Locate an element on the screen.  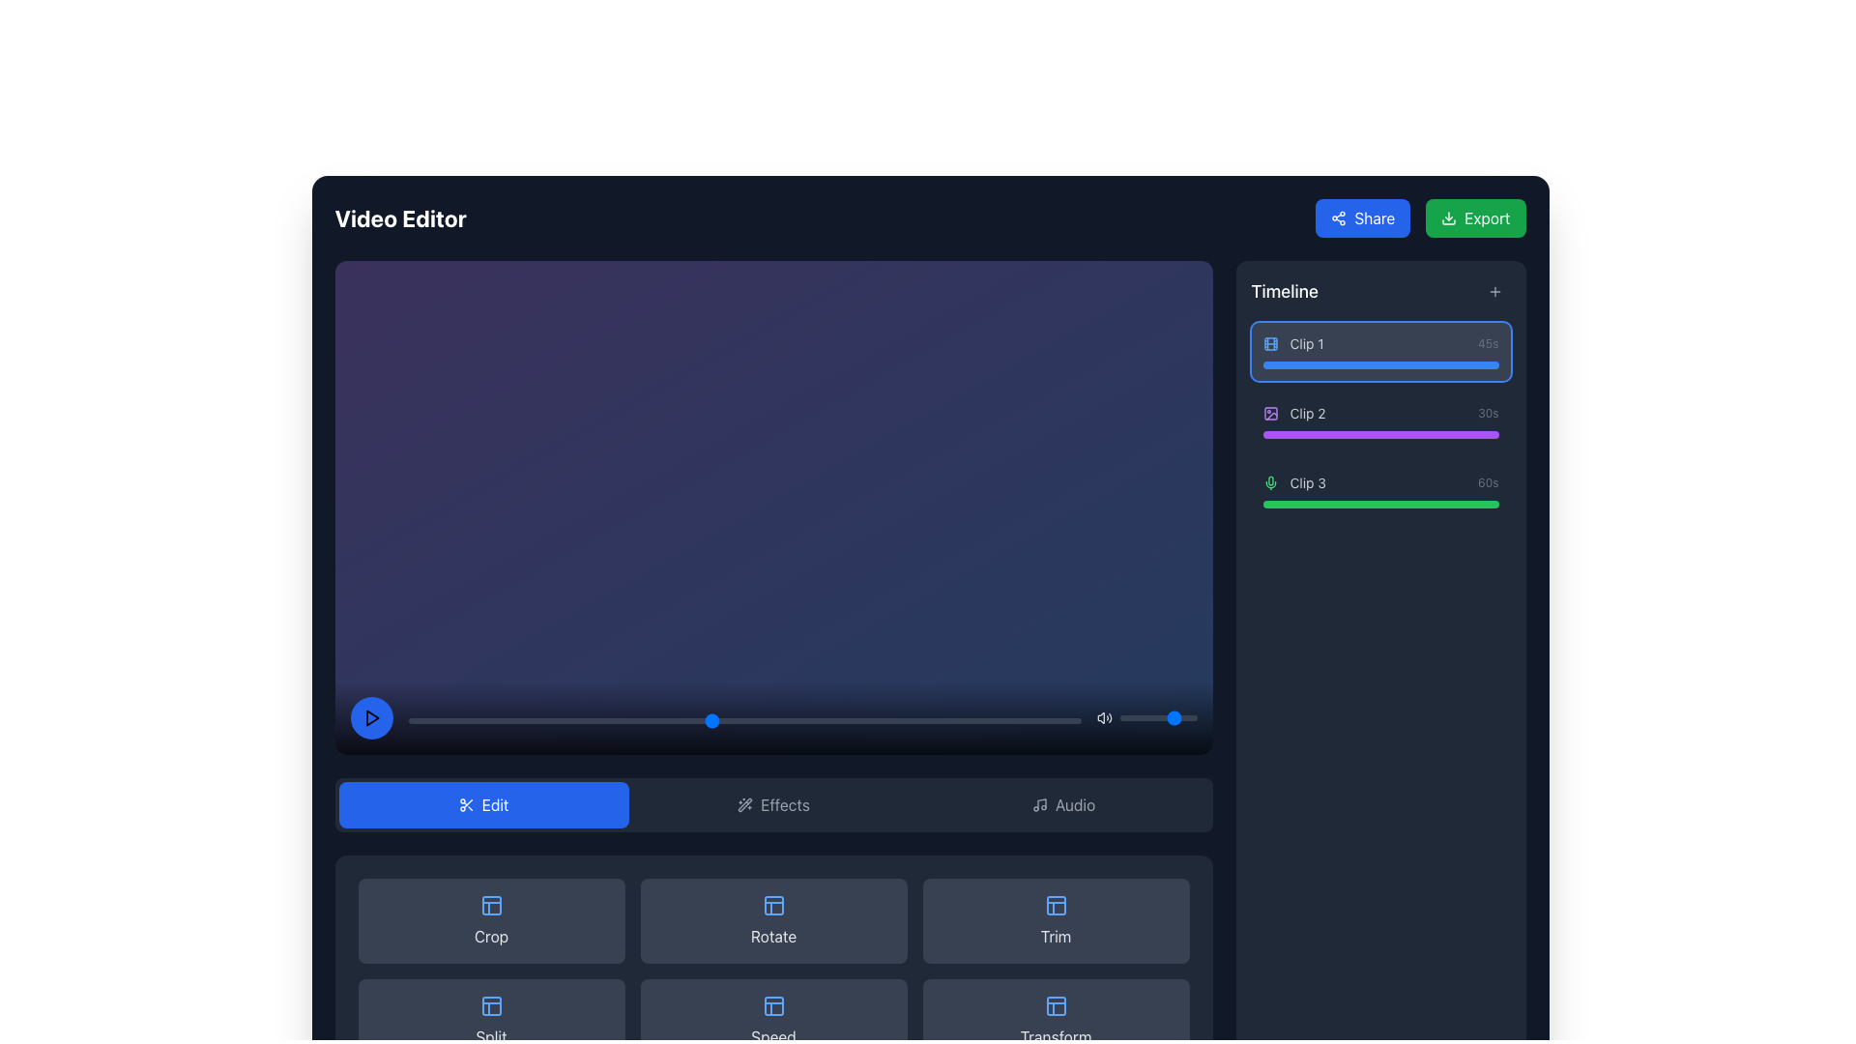
slider value is located at coordinates (434, 719).